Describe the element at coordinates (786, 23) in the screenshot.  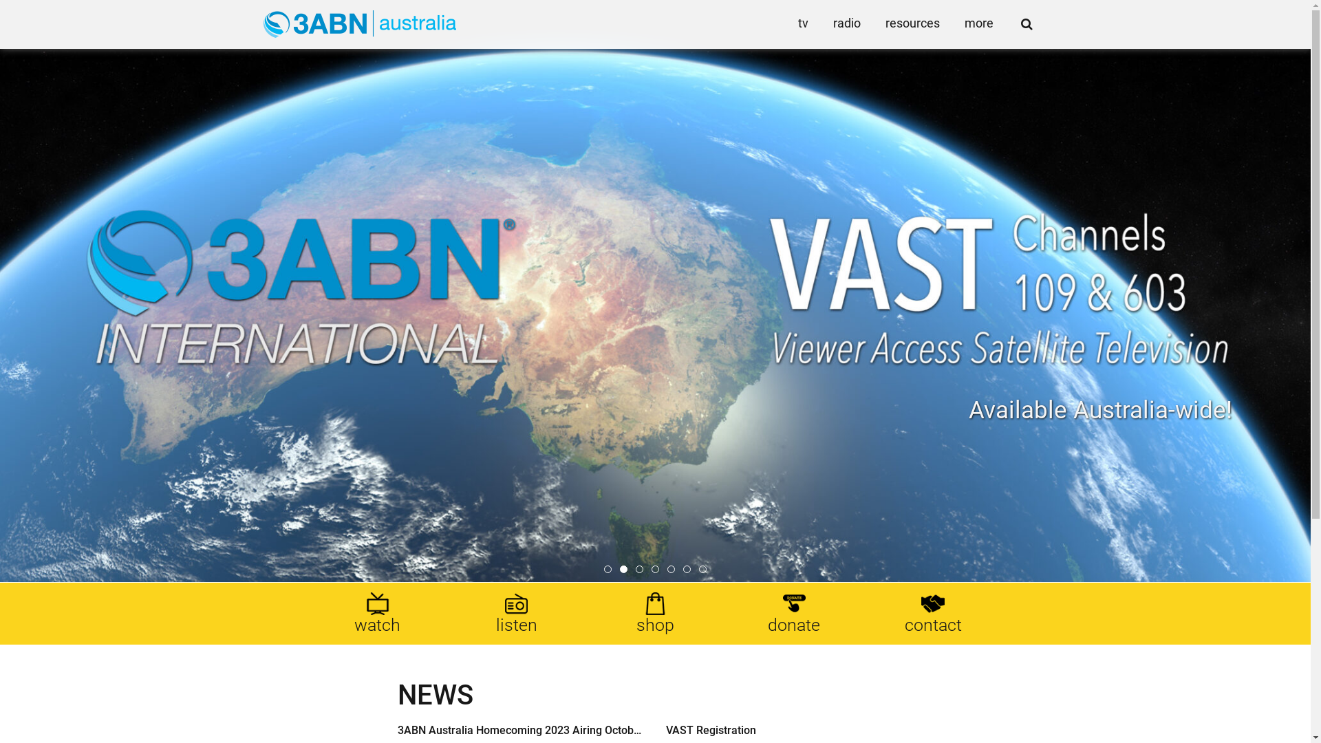
I see `'tv'` at that location.